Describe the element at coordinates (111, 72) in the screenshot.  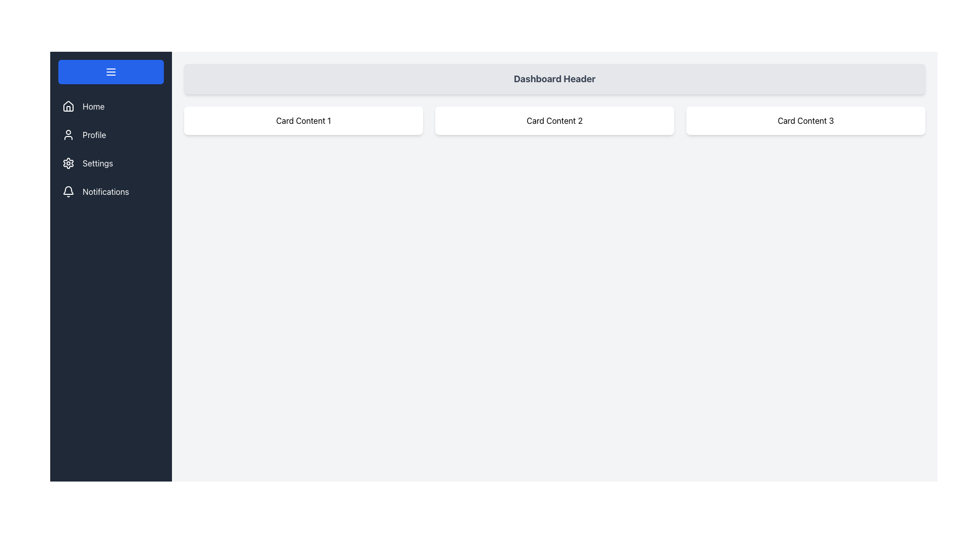
I see `the toggle button for the sidebar located at the top of the vertical sidebar on the left side of the interface` at that location.